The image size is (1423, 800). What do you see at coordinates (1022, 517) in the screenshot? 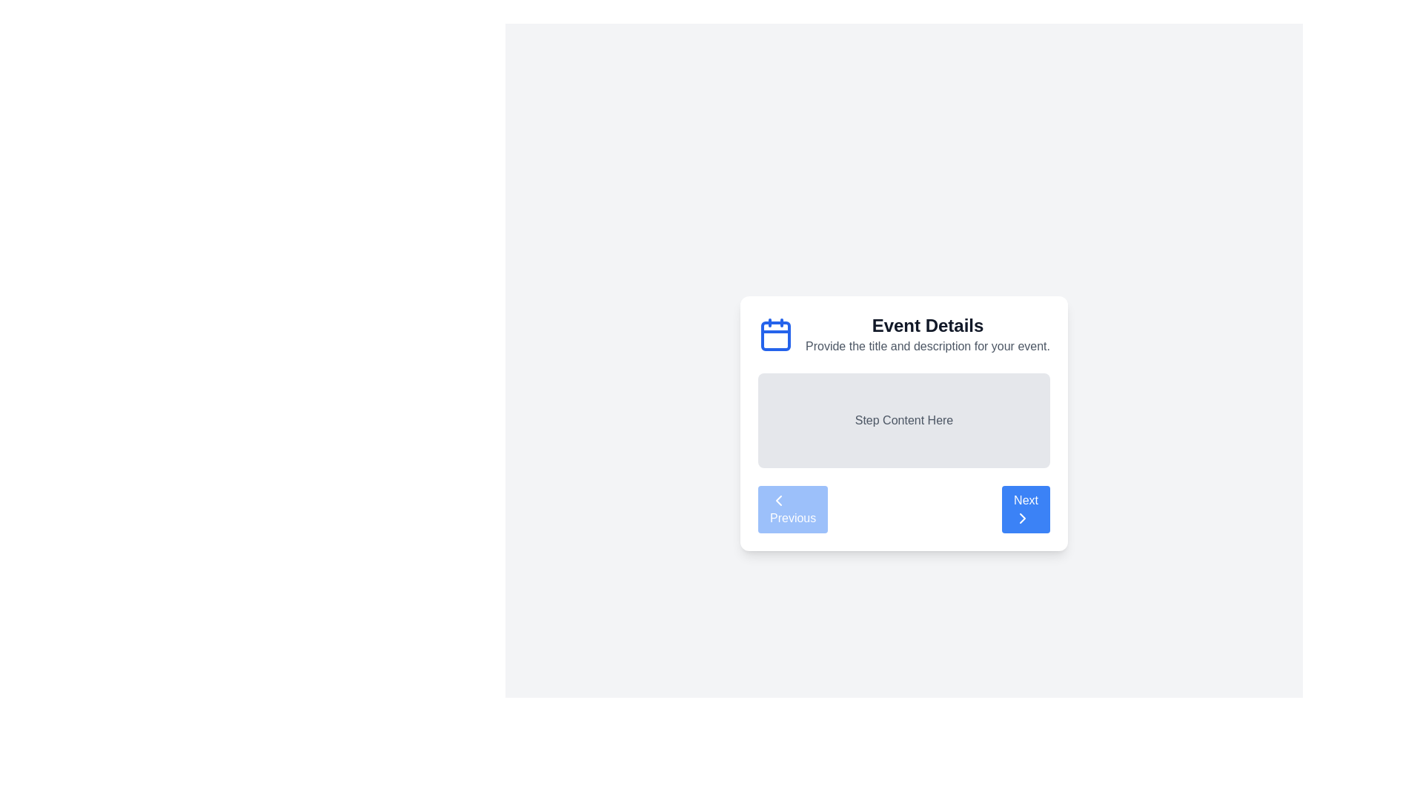
I see `the chevron icon located within the 'Next' button at the bottom right corner of the white card interface` at bounding box center [1022, 517].